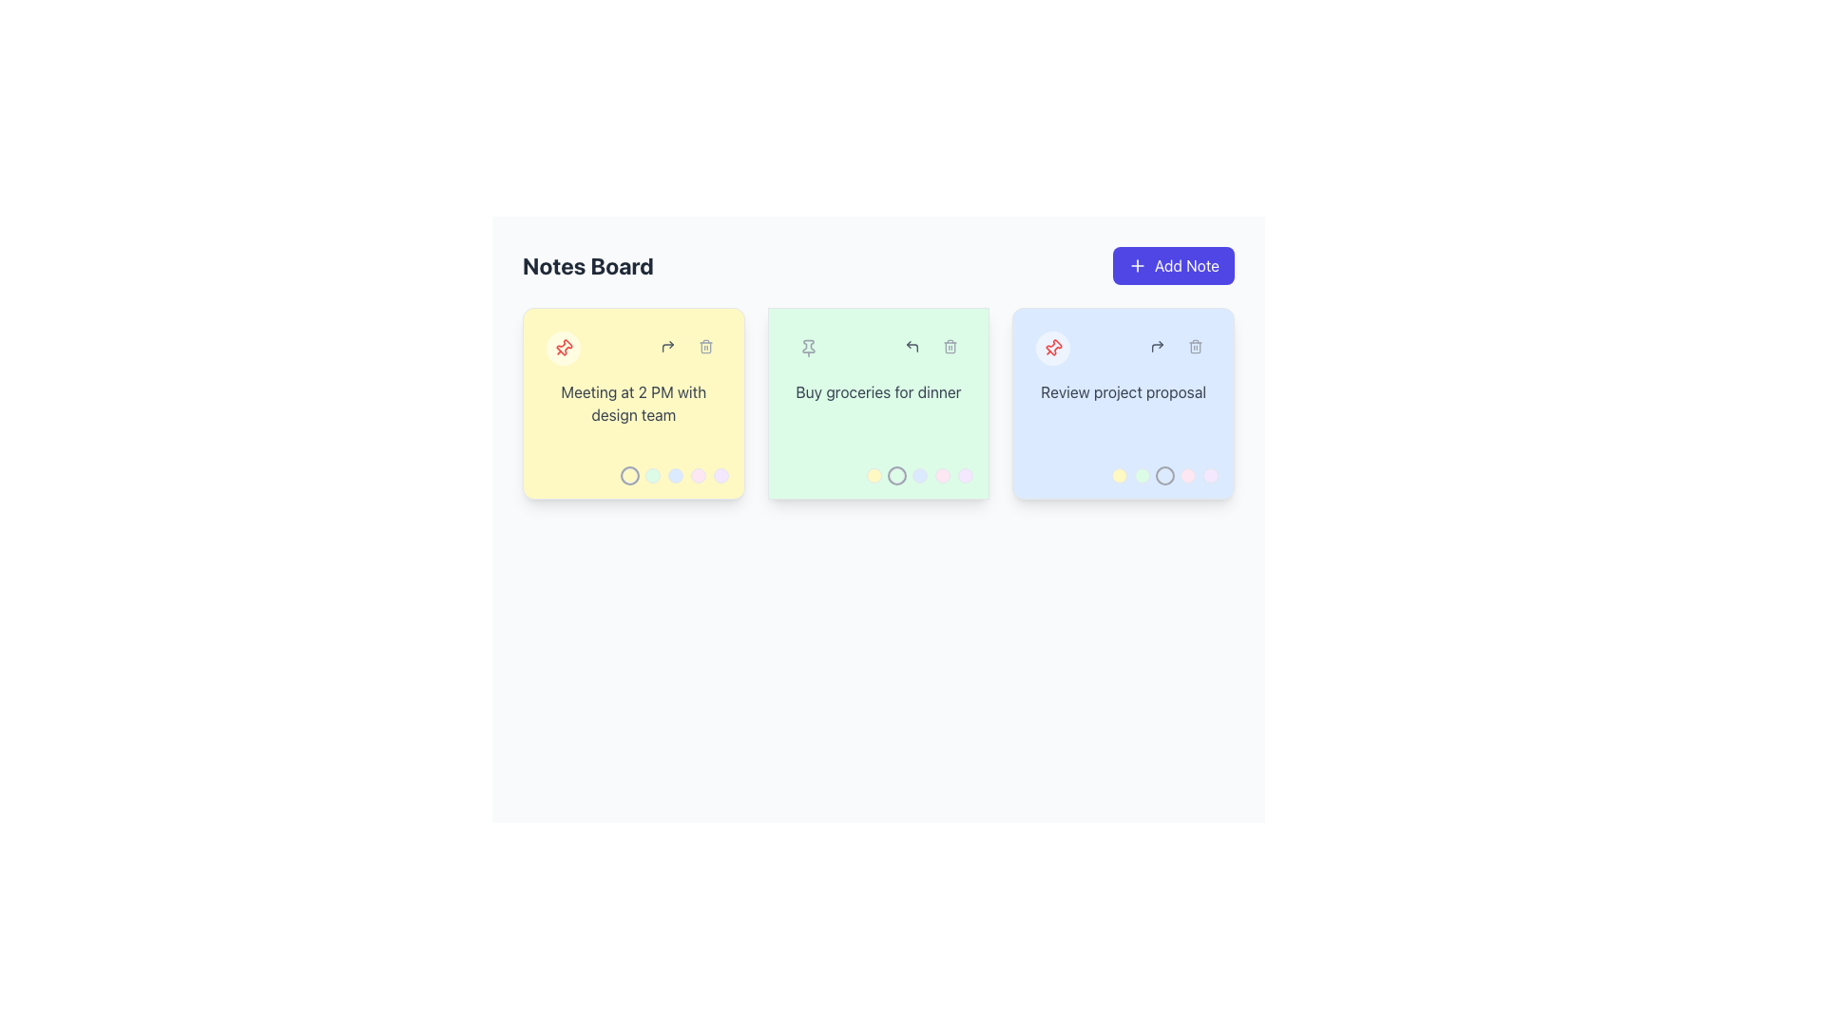 The height and width of the screenshot is (1026, 1825). What do you see at coordinates (1172, 266) in the screenshot?
I see `the 'Add Note' button, which is a rounded rectangular button with a purple background and white text, located on the right side of the 'Notes Board' header section` at bounding box center [1172, 266].